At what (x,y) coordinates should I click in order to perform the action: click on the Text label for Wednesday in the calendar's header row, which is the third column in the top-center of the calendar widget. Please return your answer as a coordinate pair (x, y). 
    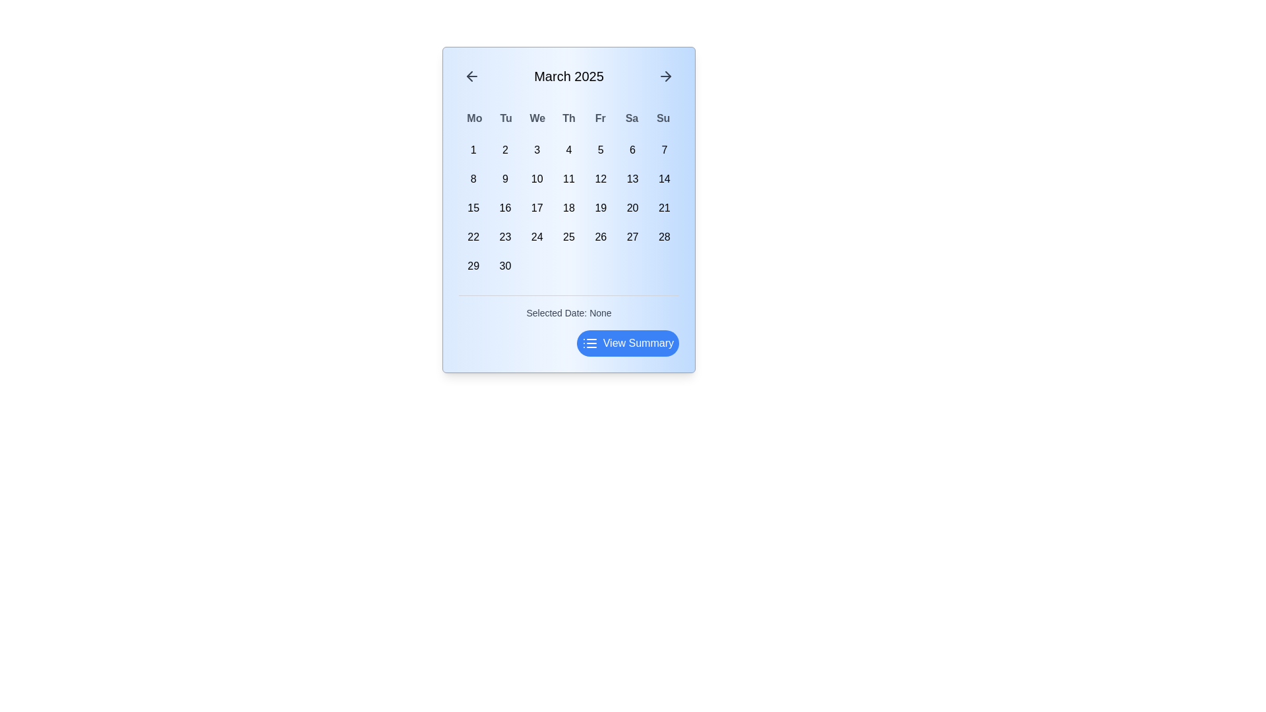
    Looking at the image, I should click on (537, 119).